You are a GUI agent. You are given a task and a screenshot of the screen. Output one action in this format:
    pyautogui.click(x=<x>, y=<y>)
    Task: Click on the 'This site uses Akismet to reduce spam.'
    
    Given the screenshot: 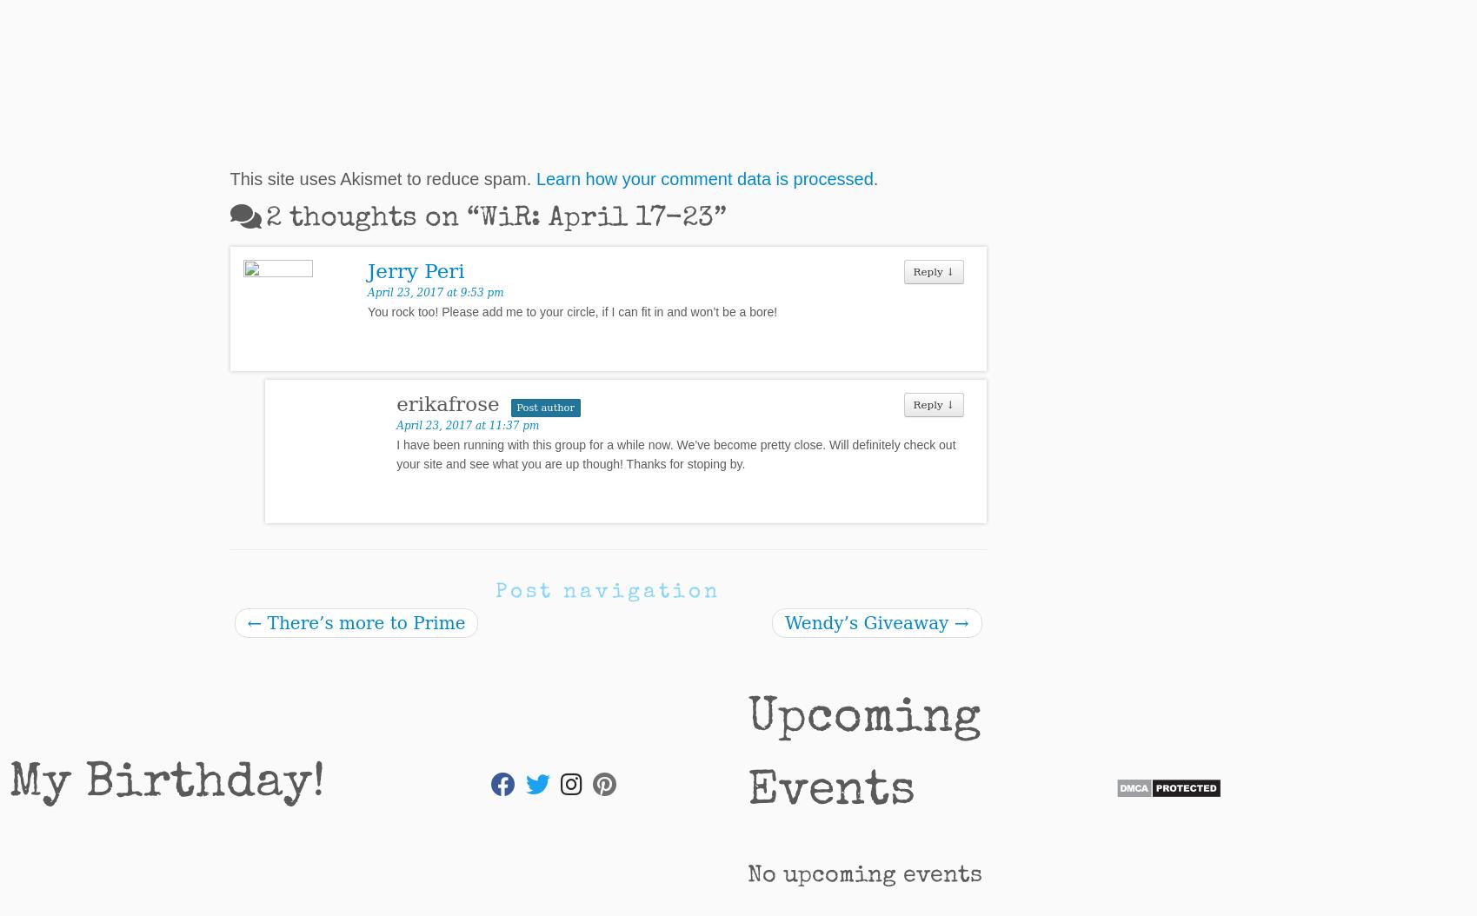 What is the action you would take?
    pyautogui.click(x=383, y=177)
    